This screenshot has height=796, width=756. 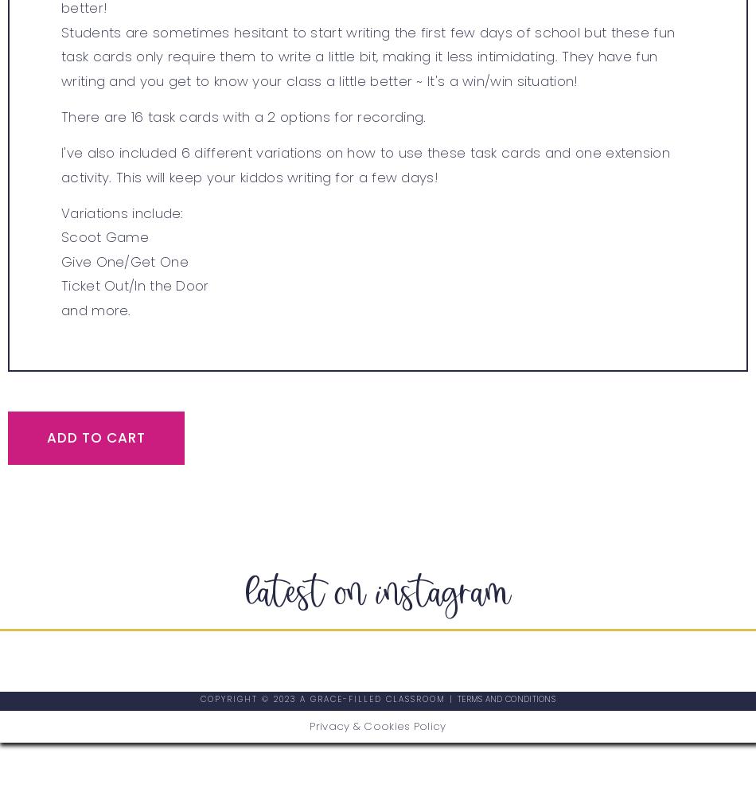 I want to click on 'Students are sometimes hesitant to start writing the first few days of school but these fun task cards only require them to write a little bit, making it less intimidating. They have fun writing and you get to know your class a little better ~ It's a win/win situation!', so click(x=61, y=55).